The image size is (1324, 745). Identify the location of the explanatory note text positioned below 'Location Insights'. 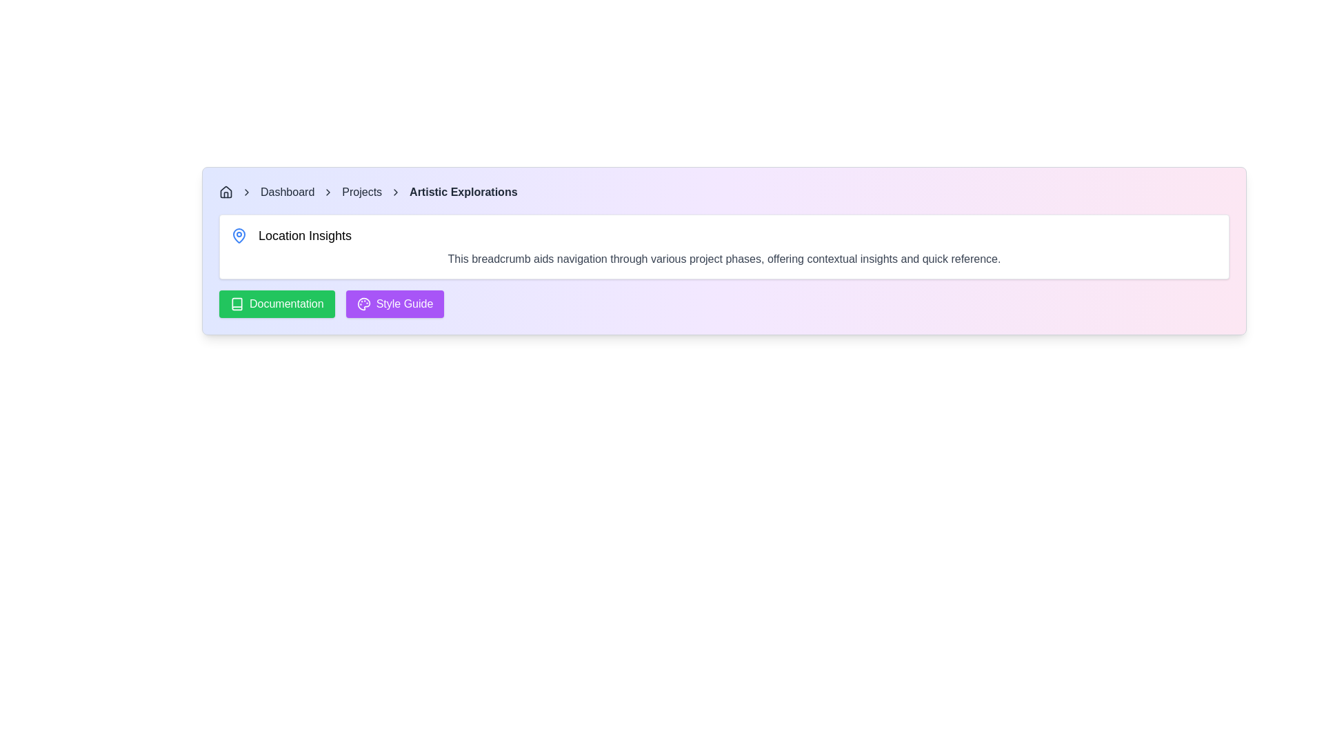
(723, 259).